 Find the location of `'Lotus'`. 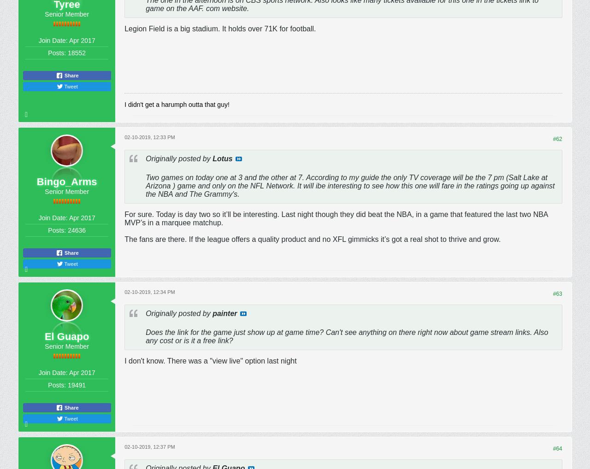

'Lotus' is located at coordinates (222, 158).